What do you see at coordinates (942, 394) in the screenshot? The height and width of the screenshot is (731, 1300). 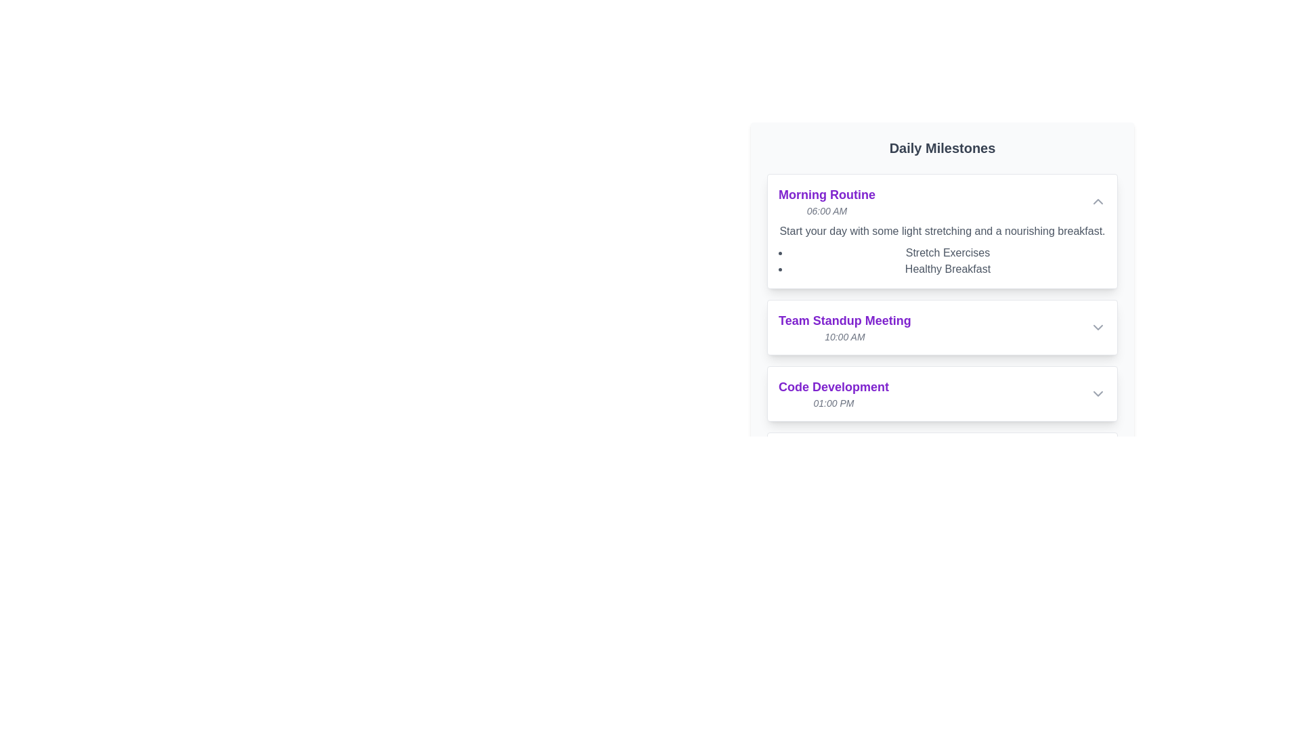 I see `the downward arrow on the third item of the 'Daily Milestones' list` at bounding box center [942, 394].